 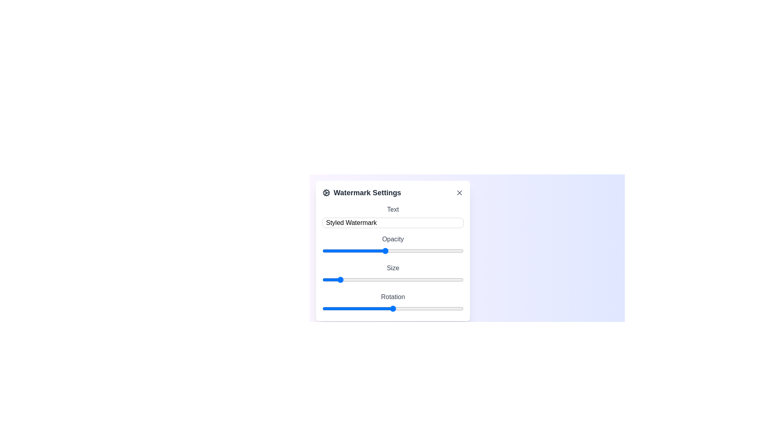 What do you see at coordinates (393, 193) in the screenshot?
I see `the header labeled 'Watermark Settings', which is styled in bold, gray text and located at the top of the 'Watermark Settings' dialog` at bounding box center [393, 193].